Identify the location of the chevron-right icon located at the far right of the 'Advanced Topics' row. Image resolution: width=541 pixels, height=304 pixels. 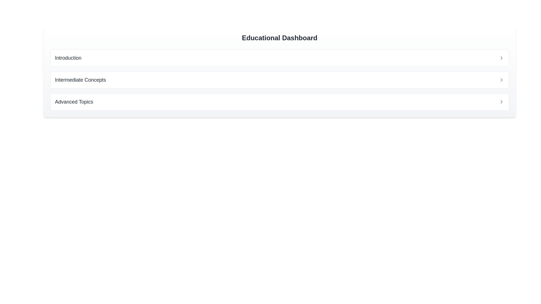
(502, 102).